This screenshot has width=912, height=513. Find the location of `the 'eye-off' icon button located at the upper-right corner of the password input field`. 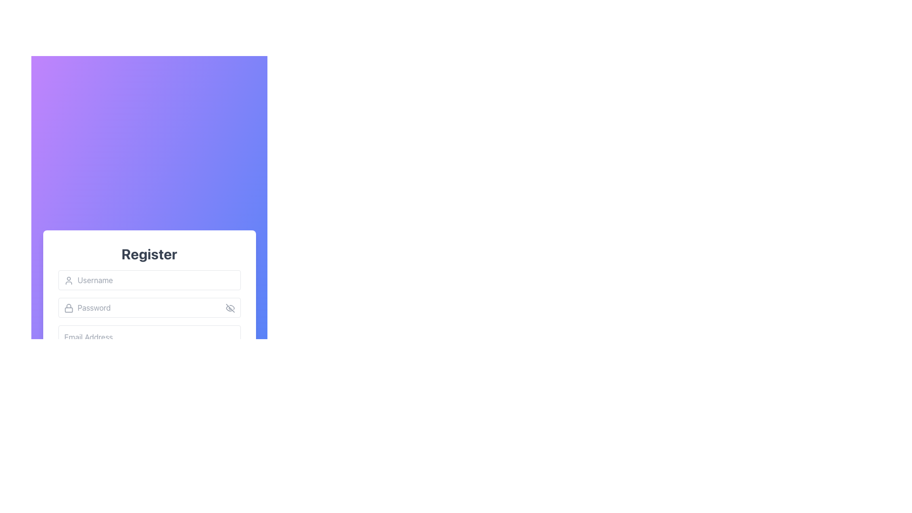

the 'eye-off' icon button located at the upper-right corner of the password input field is located at coordinates (230, 308).